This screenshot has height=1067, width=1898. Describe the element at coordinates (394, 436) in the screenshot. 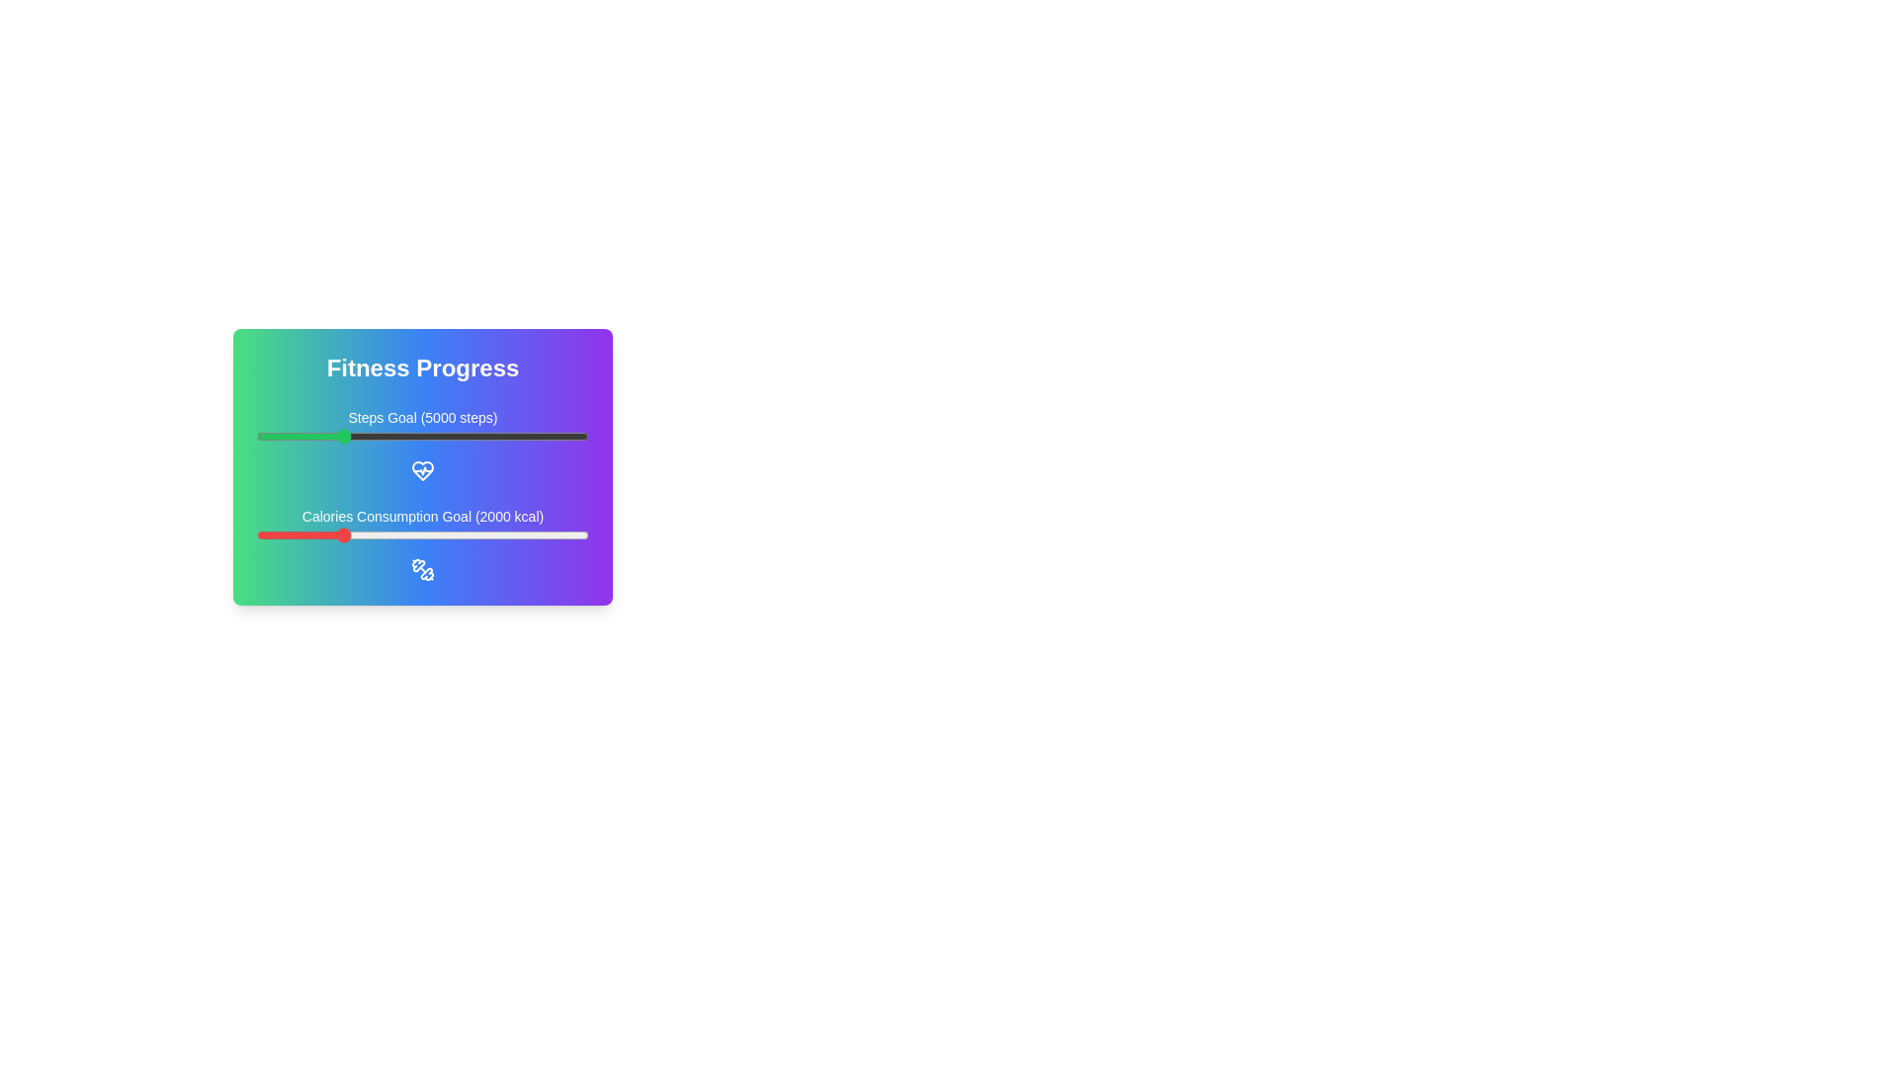

I see `the steps goal` at that location.